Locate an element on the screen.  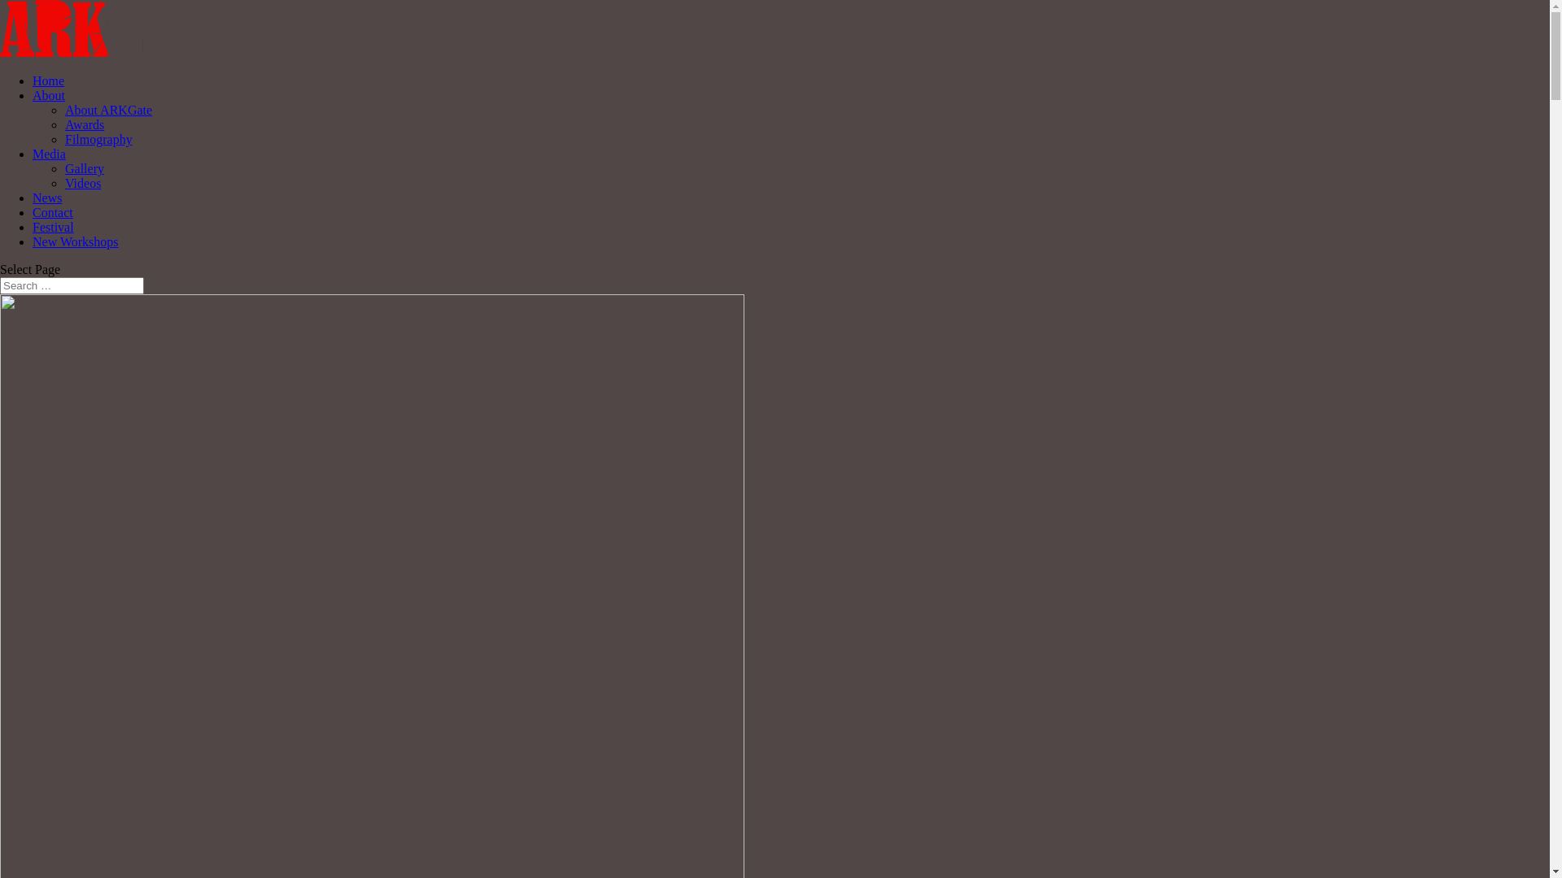
'Search for:' is located at coordinates (71, 285).